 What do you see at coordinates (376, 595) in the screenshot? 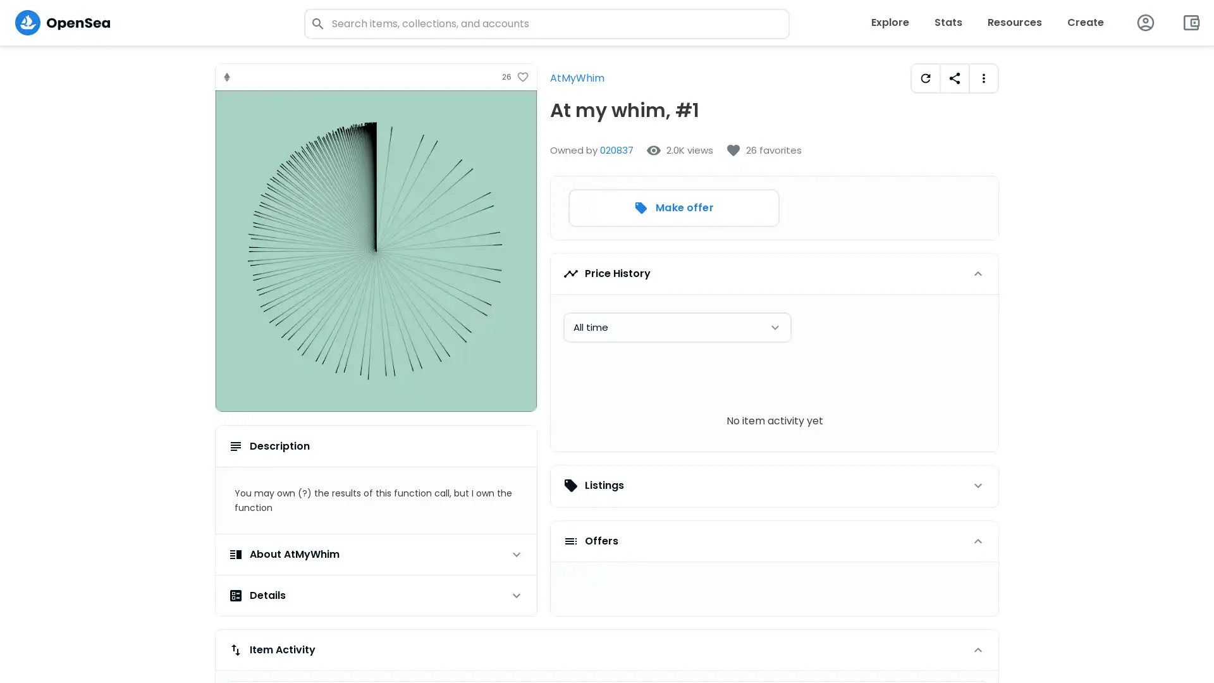
I see `Details` at bounding box center [376, 595].